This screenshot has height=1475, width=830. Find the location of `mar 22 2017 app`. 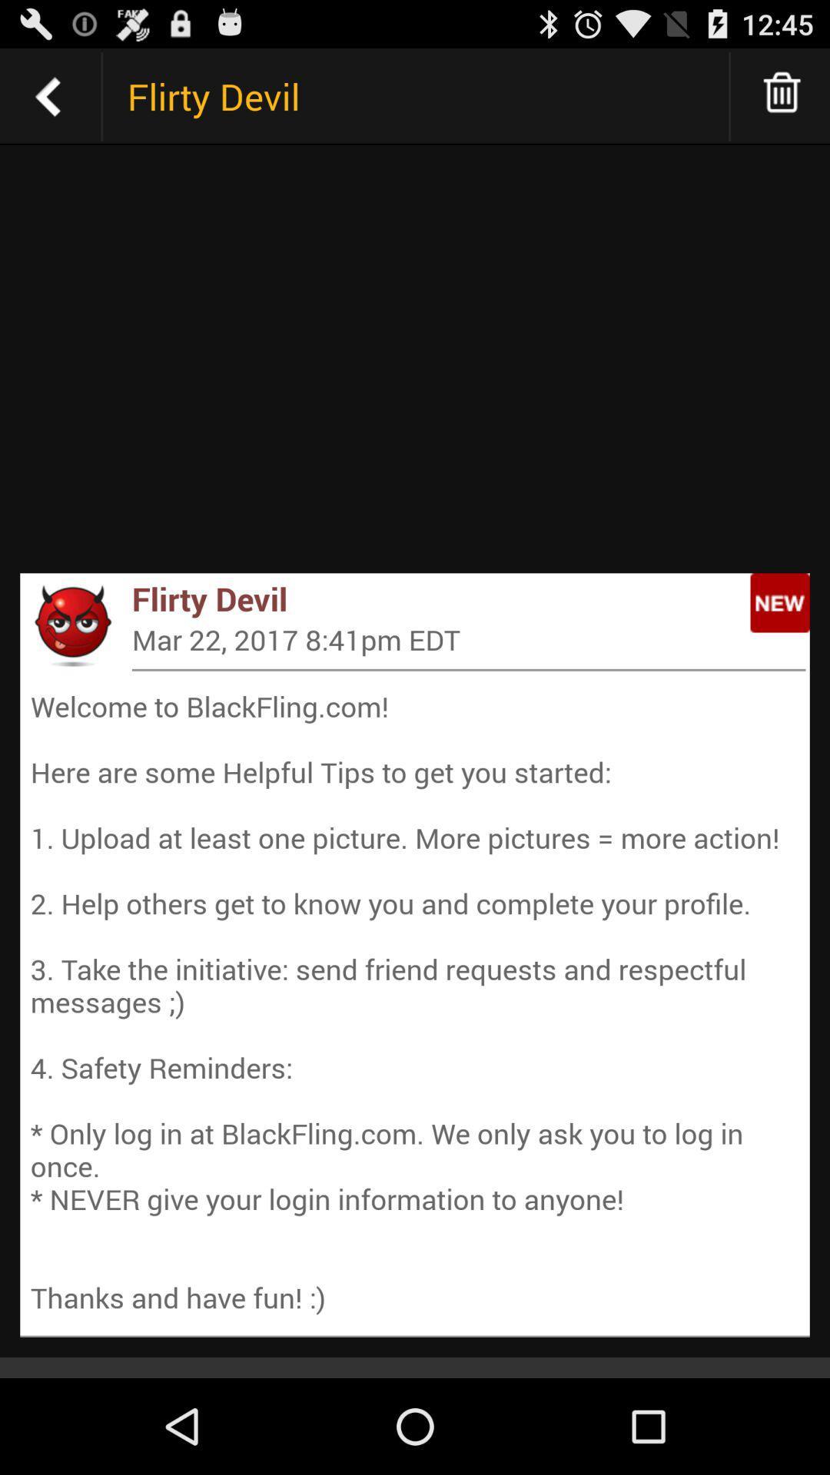

mar 22 2017 app is located at coordinates (468, 639).